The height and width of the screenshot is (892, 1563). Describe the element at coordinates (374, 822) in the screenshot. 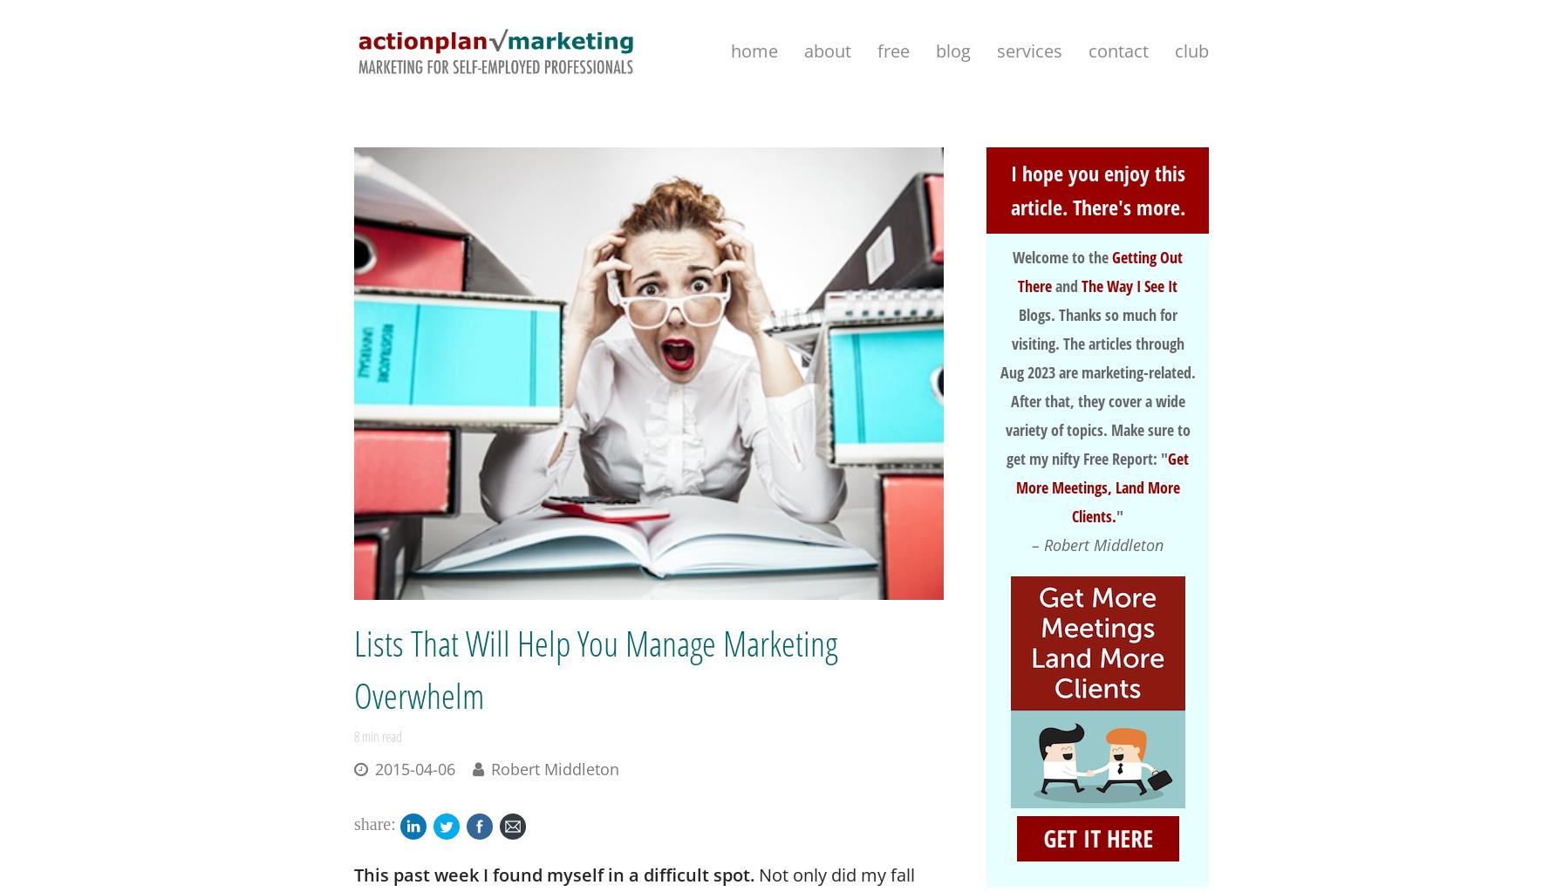

I see `'share:'` at that location.